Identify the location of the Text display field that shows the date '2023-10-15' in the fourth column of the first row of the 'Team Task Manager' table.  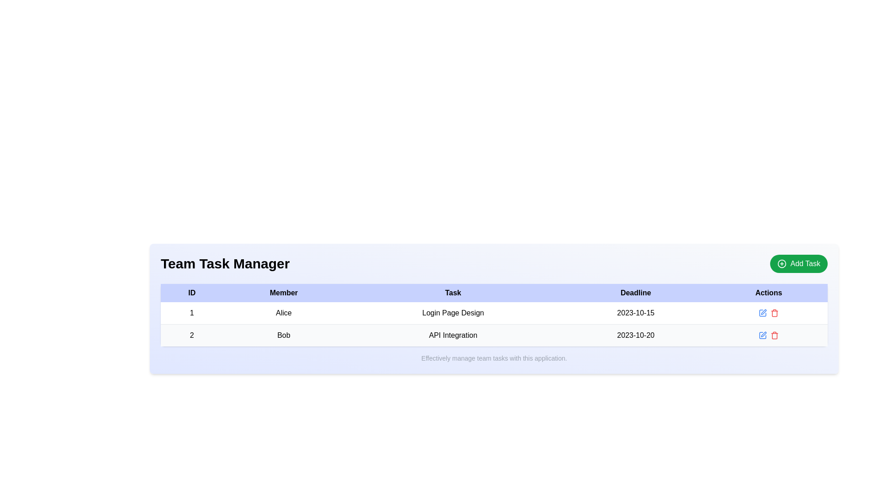
(635, 313).